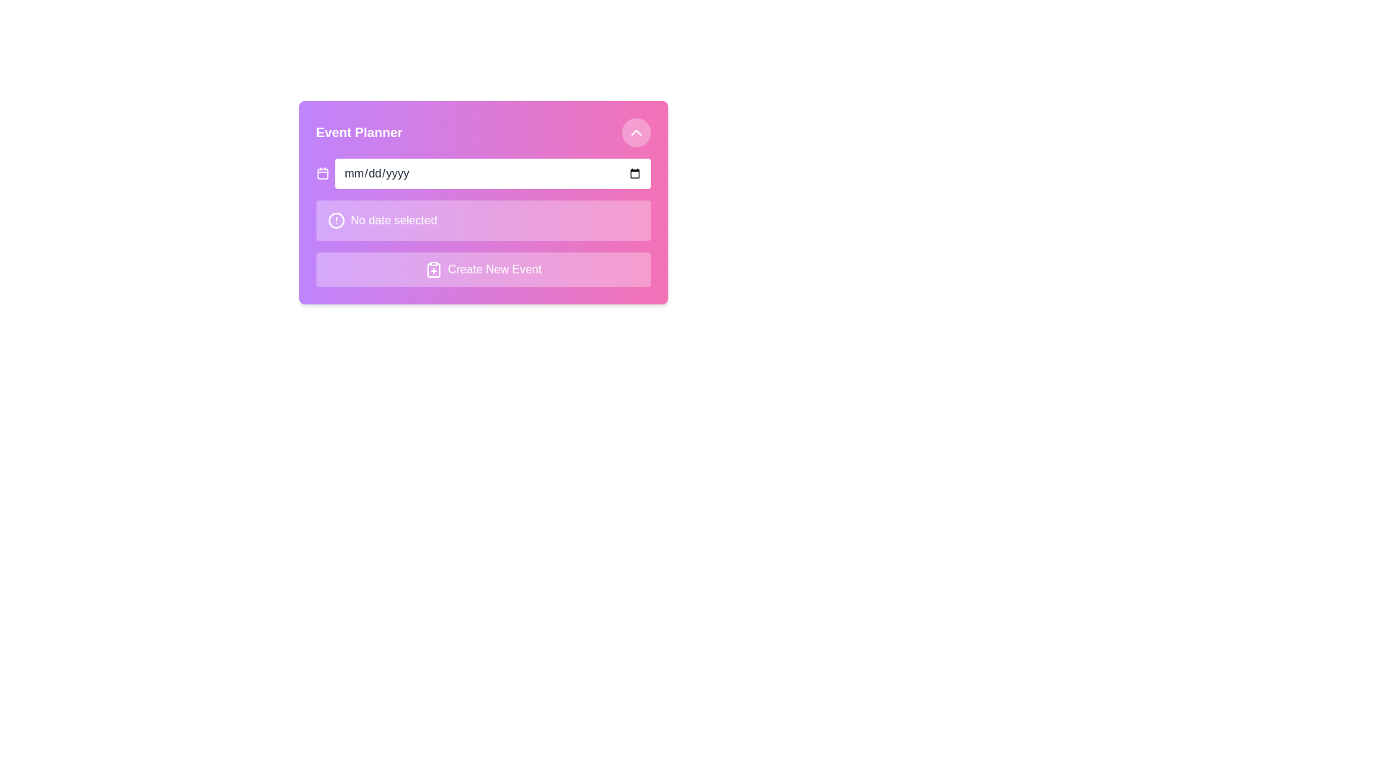 This screenshot has height=779, width=1384. Describe the element at coordinates (359, 133) in the screenshot. I see `the 'Event Planner' text label, which is styled in bold and located at the top-left corner of a card-like UI section with a gradient purple background` at that location.